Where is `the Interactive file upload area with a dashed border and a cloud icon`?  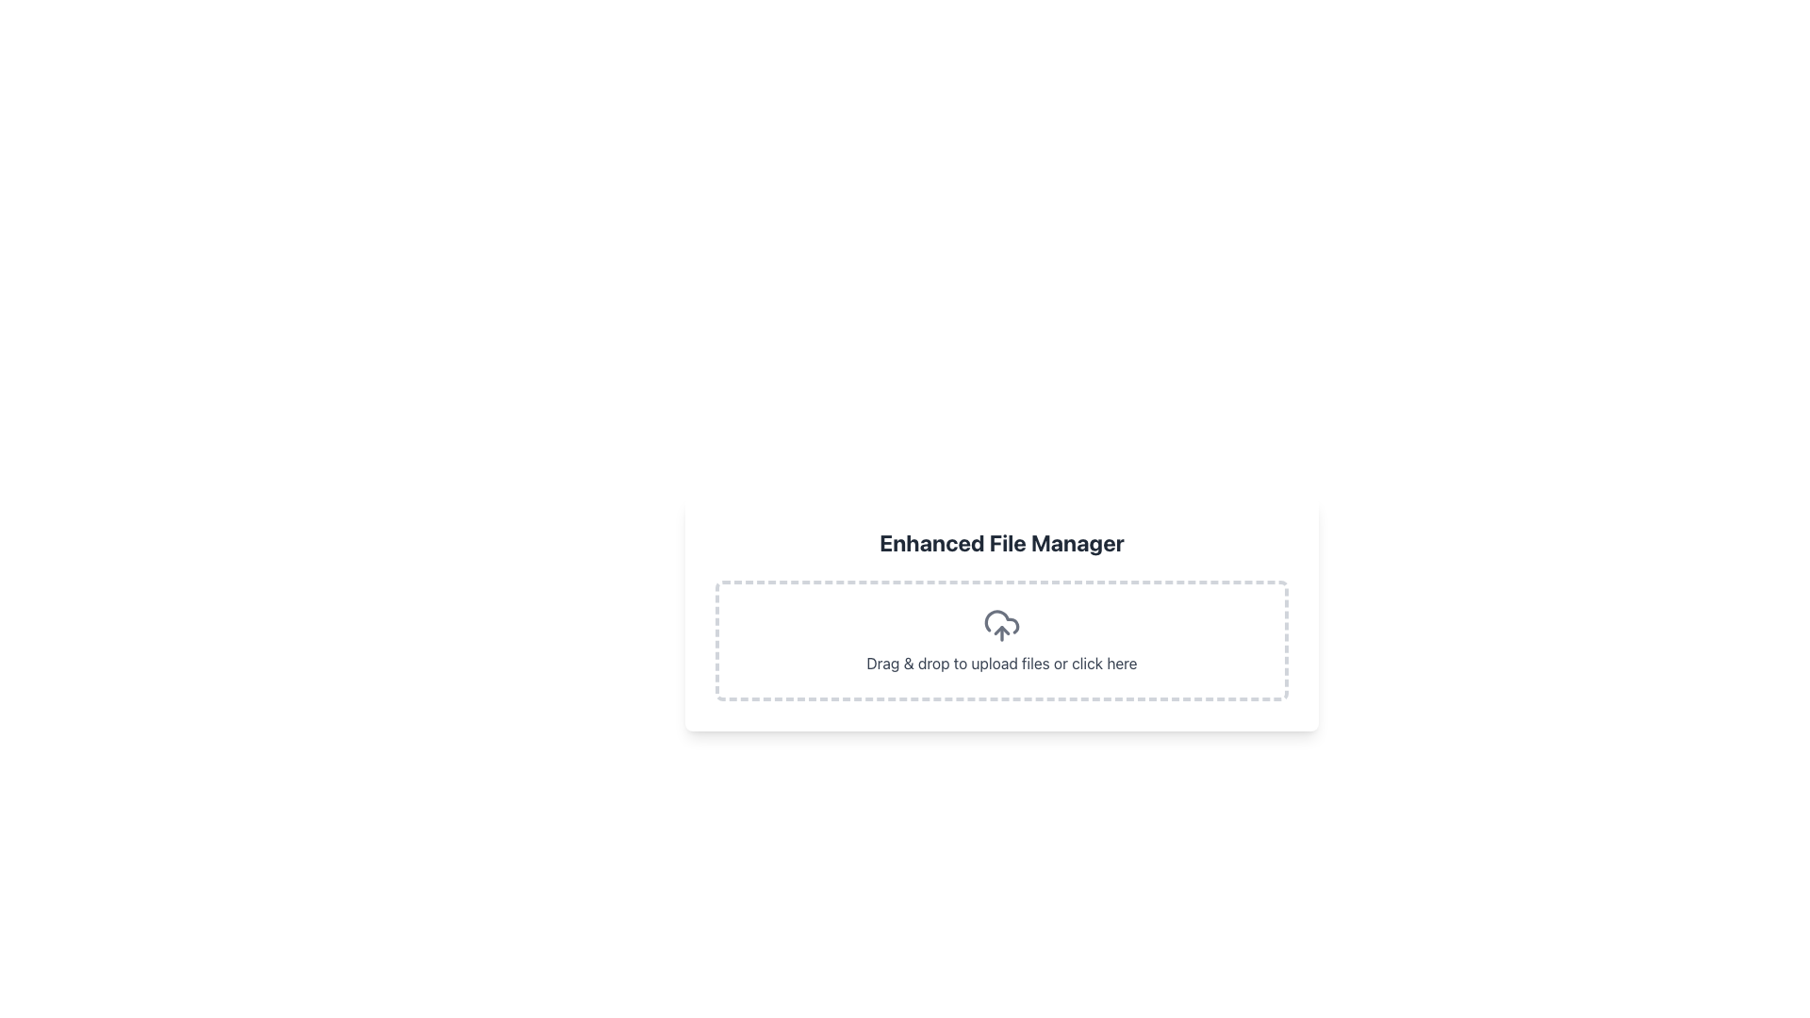
the Interactive file upload area with a dashed border and a cloud icon is located at coordinates (1000, 639).